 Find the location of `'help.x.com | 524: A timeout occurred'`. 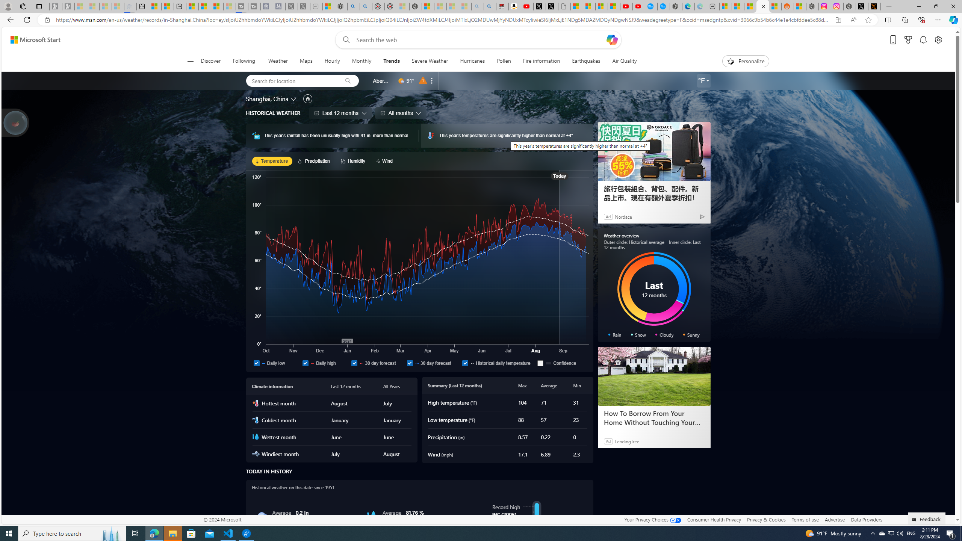

'help.x.com | 524: A timeout occurred' is located at coordinates (874, 6).